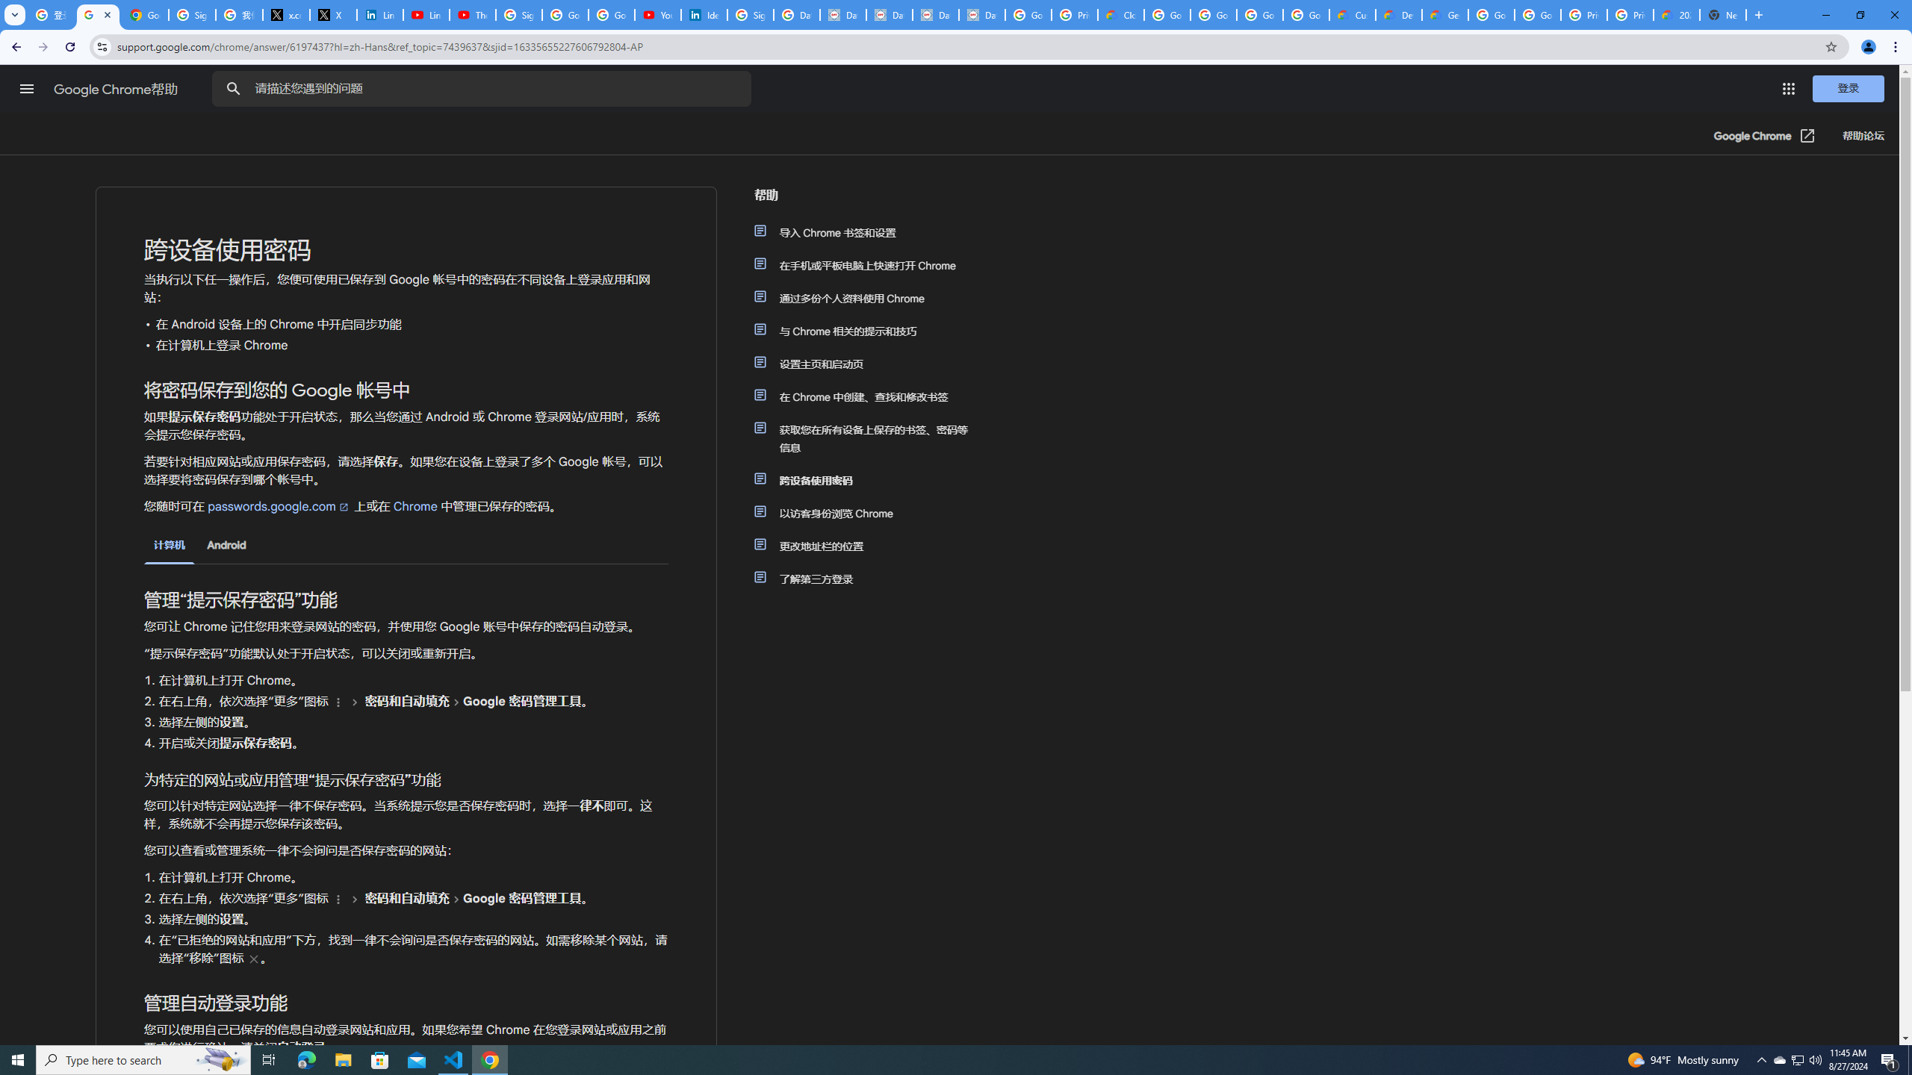 The image size is (1912, 1075). Describe the element at coordinates (426, 14) in the screenshot. I see `'LinkedIn - YouTube'` at that location.